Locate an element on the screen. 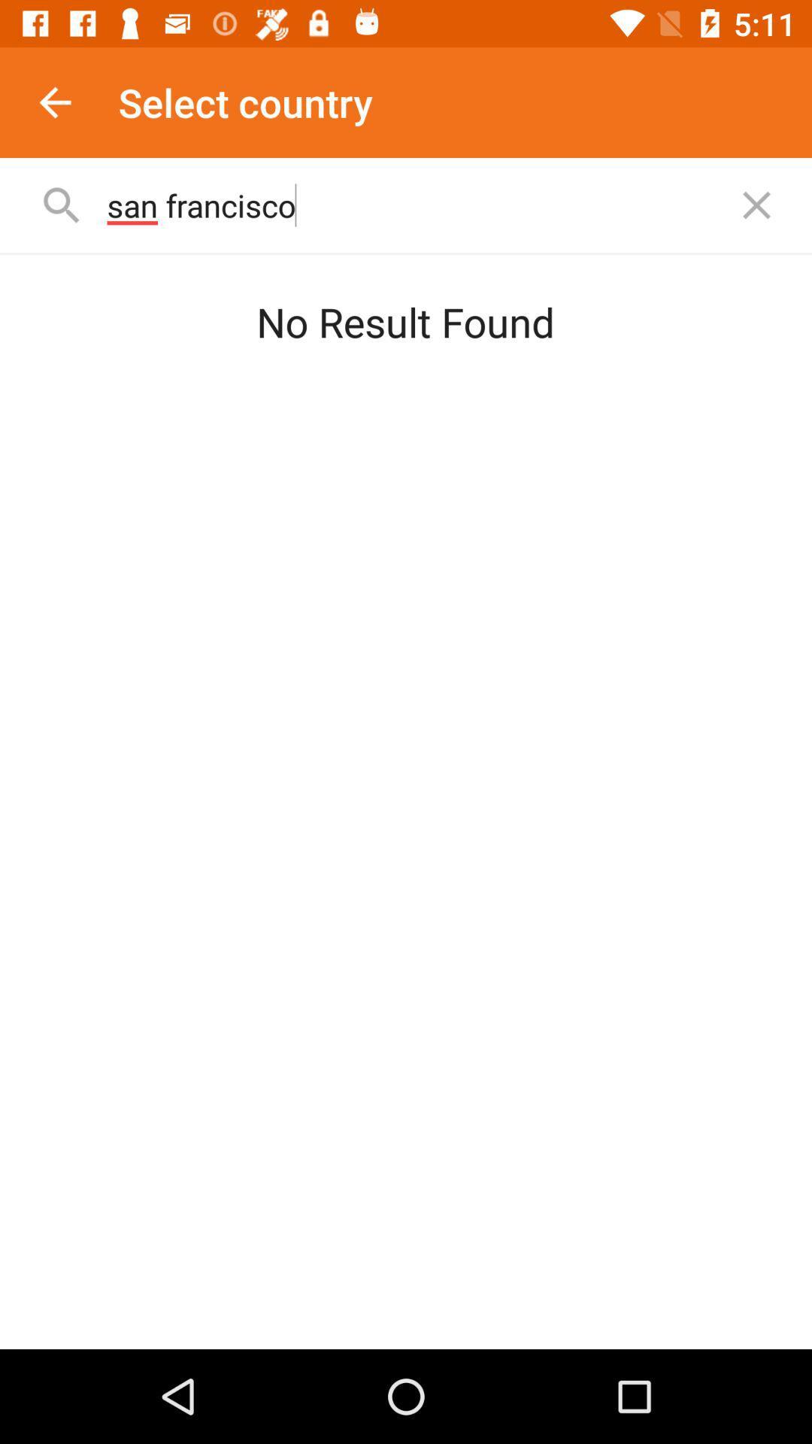  the item next to san francisco is located at coordinates (756, 205).